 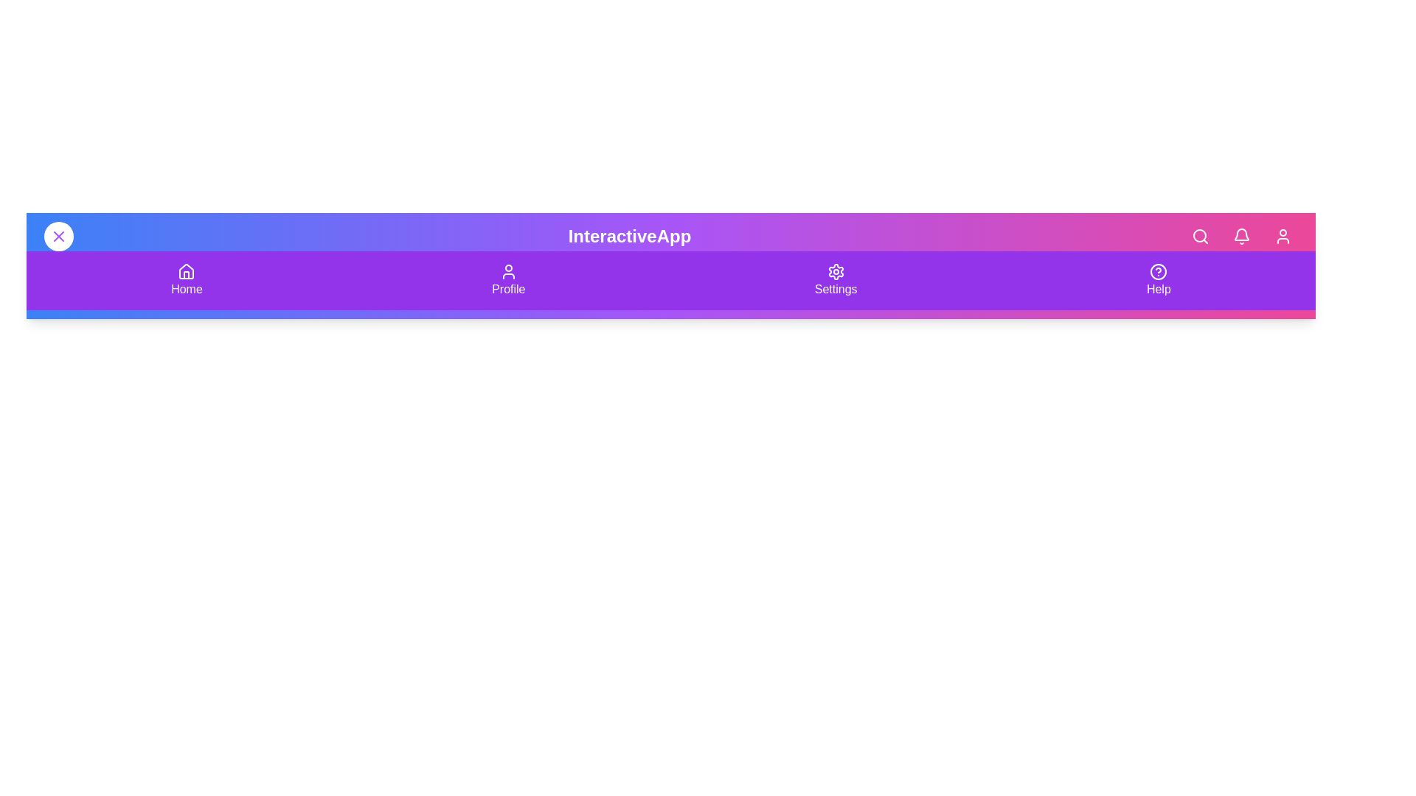 What do you see at coordinates (1282, 235) in the screenshot?
I see `the user button in the navigation bar` at bounding box center [1282, 235].